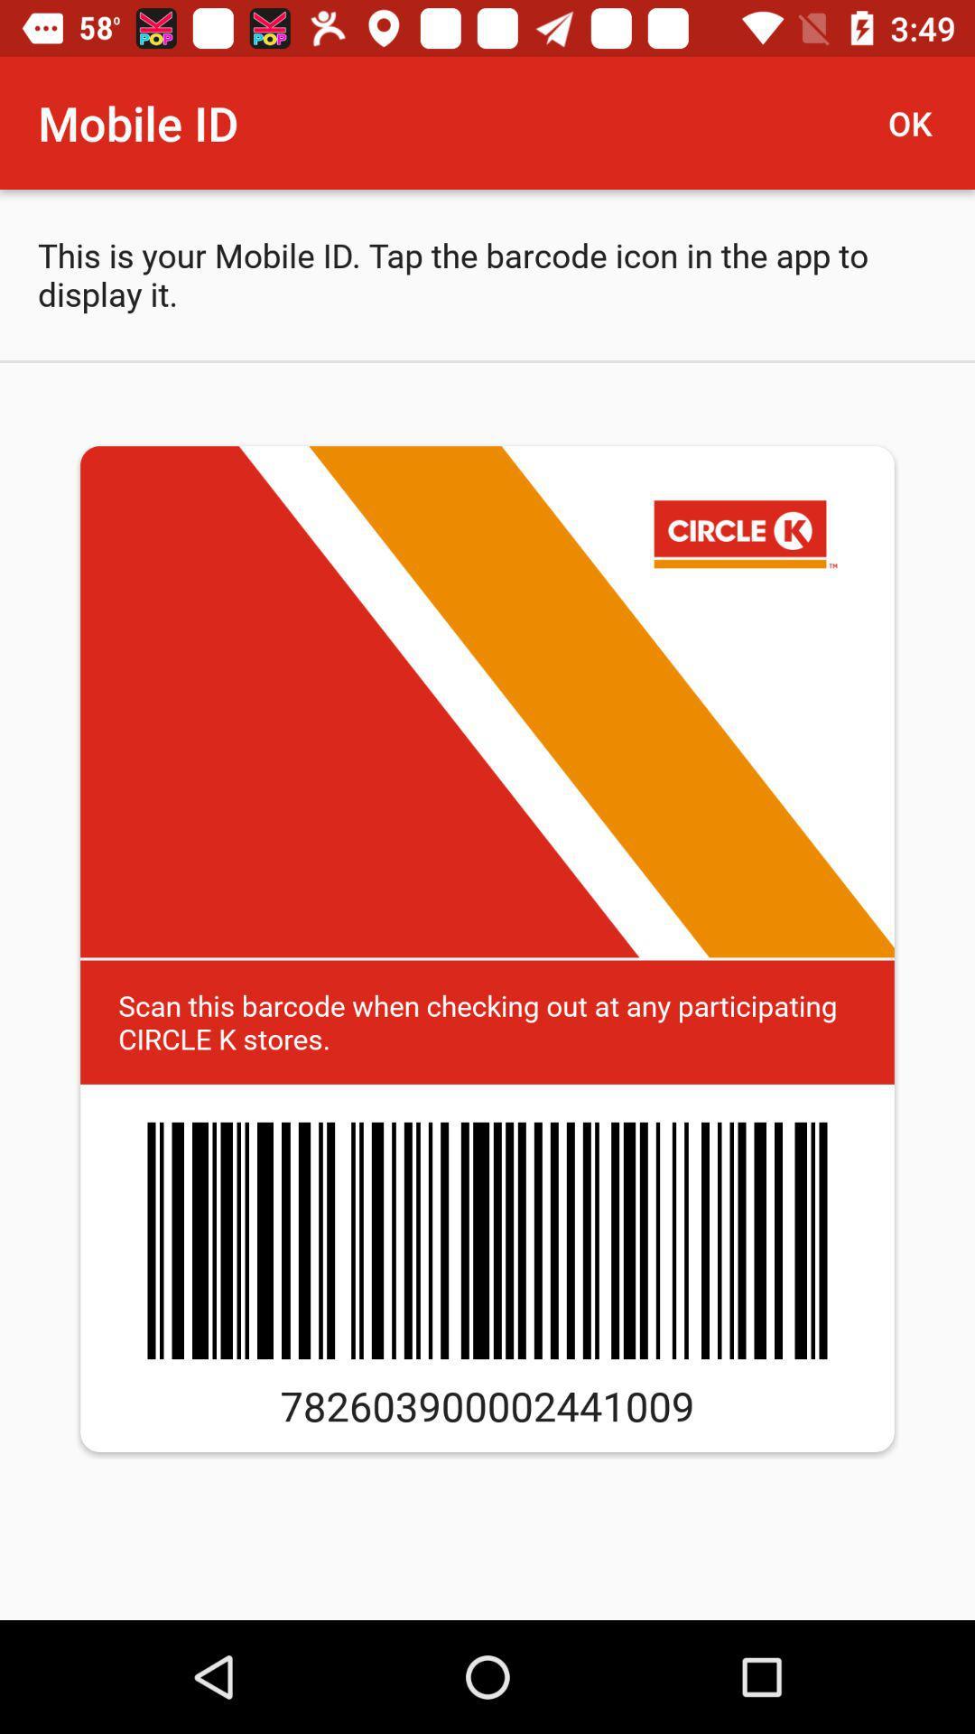  I want to click on the icon to the right of mobile id icon, so click(918, 122).